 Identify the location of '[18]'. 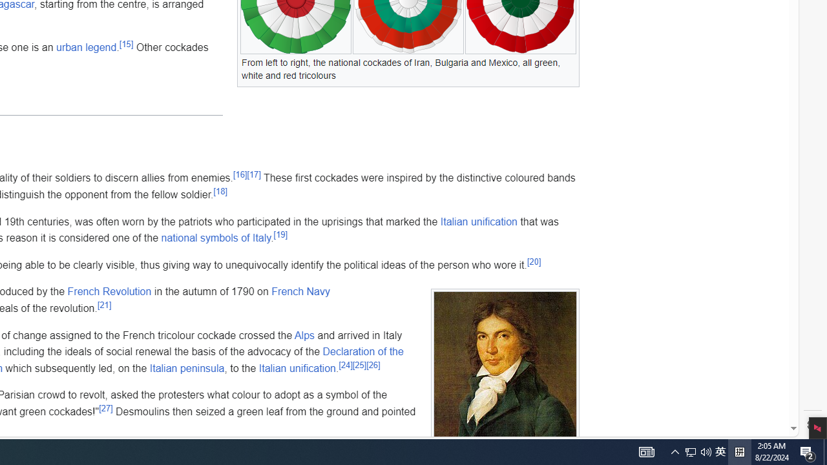
(220, 191).